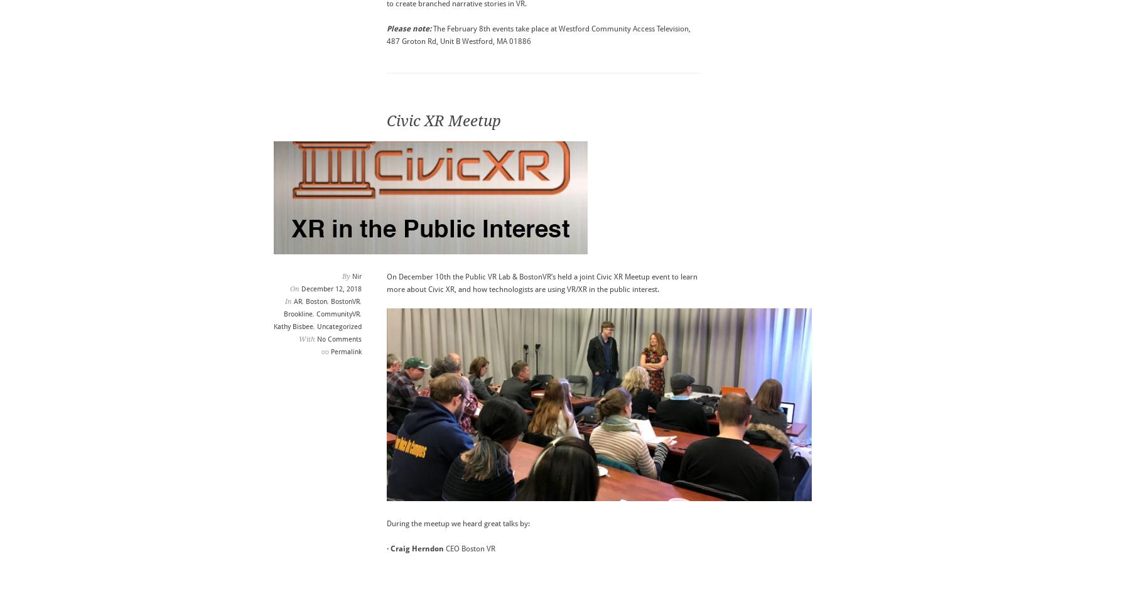  What do you see at coordinates (293, 326) in the screenshot?
I see `'Kathy Bisbee'` at bounding box center [293, 326].